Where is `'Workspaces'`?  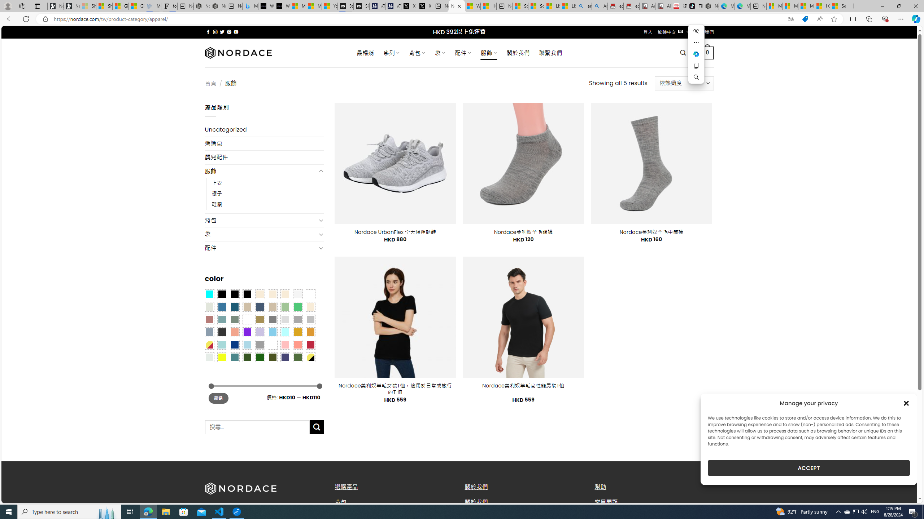
'Workspaces' is located at coordinates (22, 6).